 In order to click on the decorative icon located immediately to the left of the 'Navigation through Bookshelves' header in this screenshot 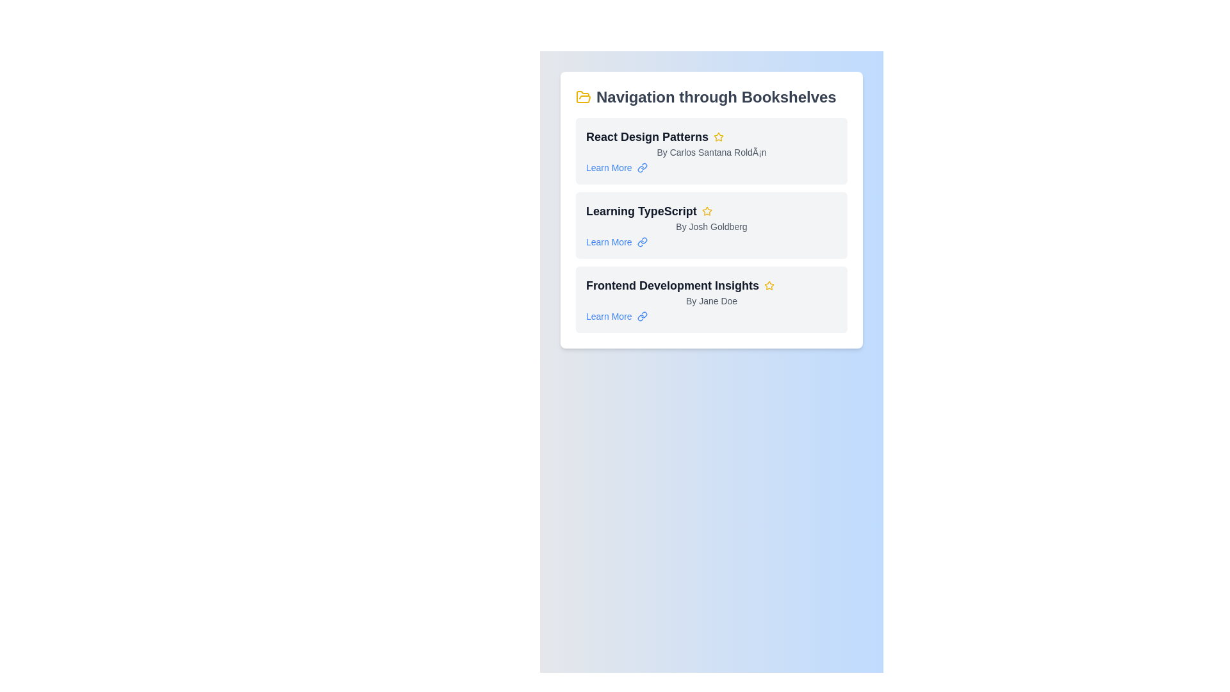, I will do `click(583, 95)`.